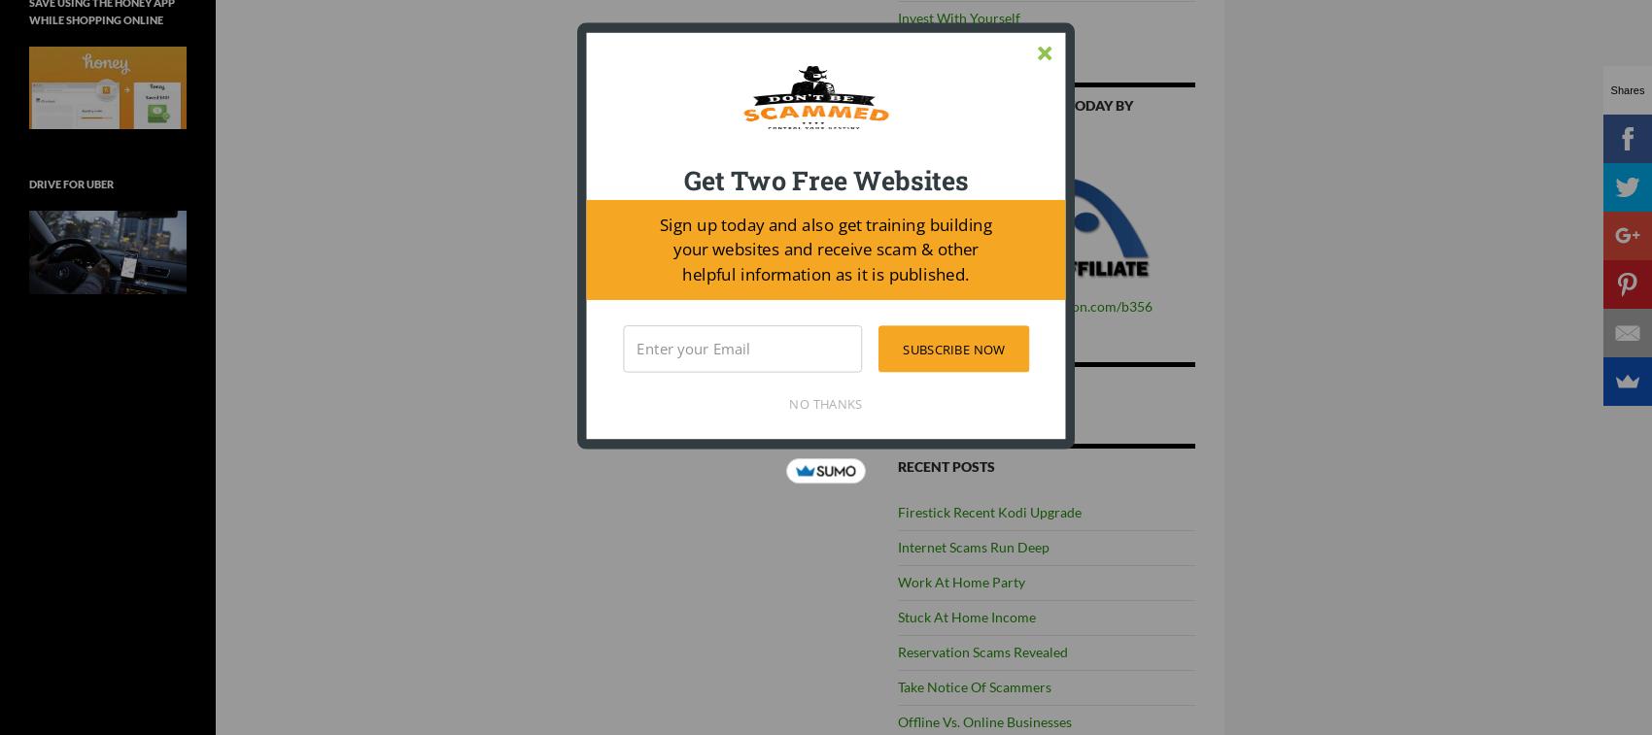  Describe the element at coordinates (945, 466) in the screenshot. I see `'Recent Posts'` at that location.